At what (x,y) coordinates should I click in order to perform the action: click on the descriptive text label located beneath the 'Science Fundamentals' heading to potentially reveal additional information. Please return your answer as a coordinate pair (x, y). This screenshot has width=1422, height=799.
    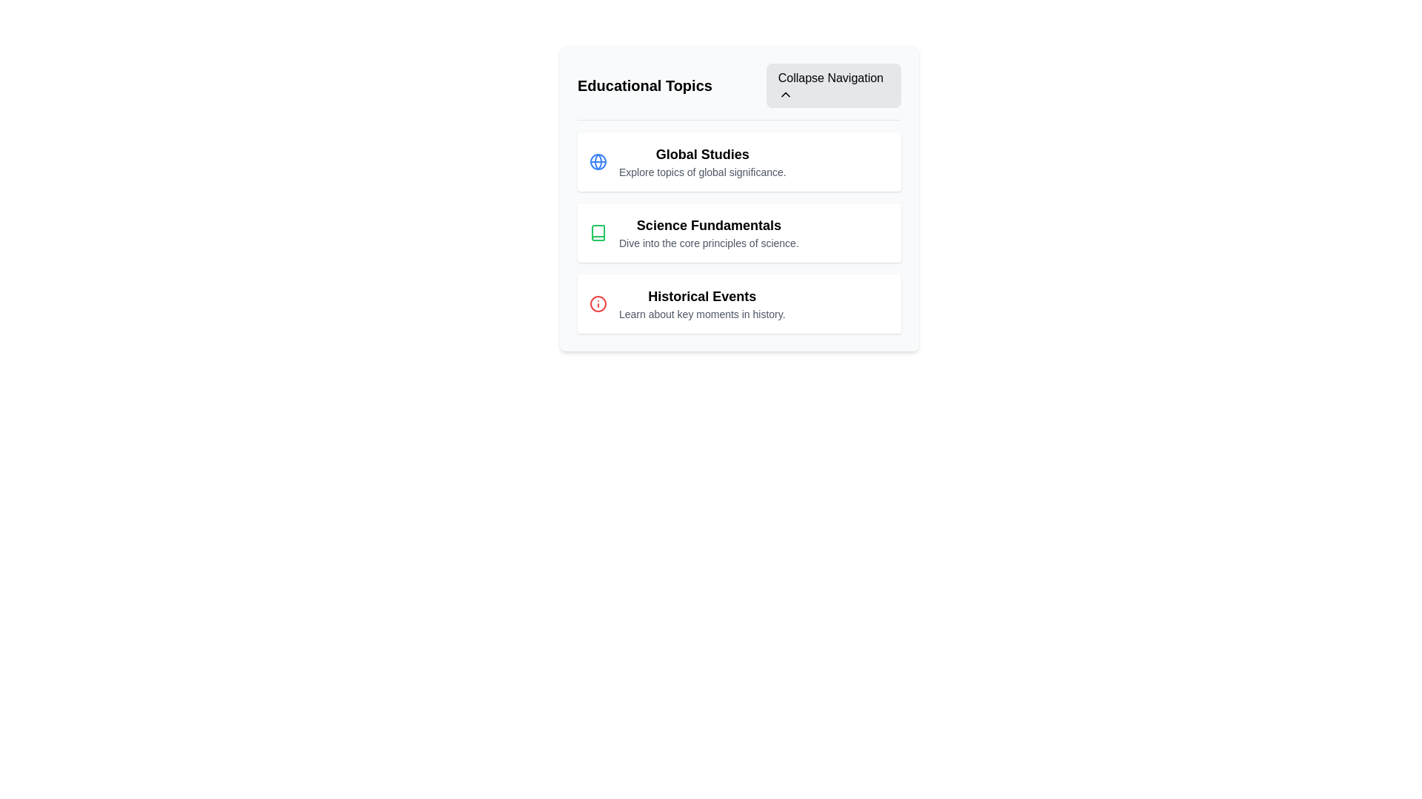
    Looking at the image, I should click on (708, 242).